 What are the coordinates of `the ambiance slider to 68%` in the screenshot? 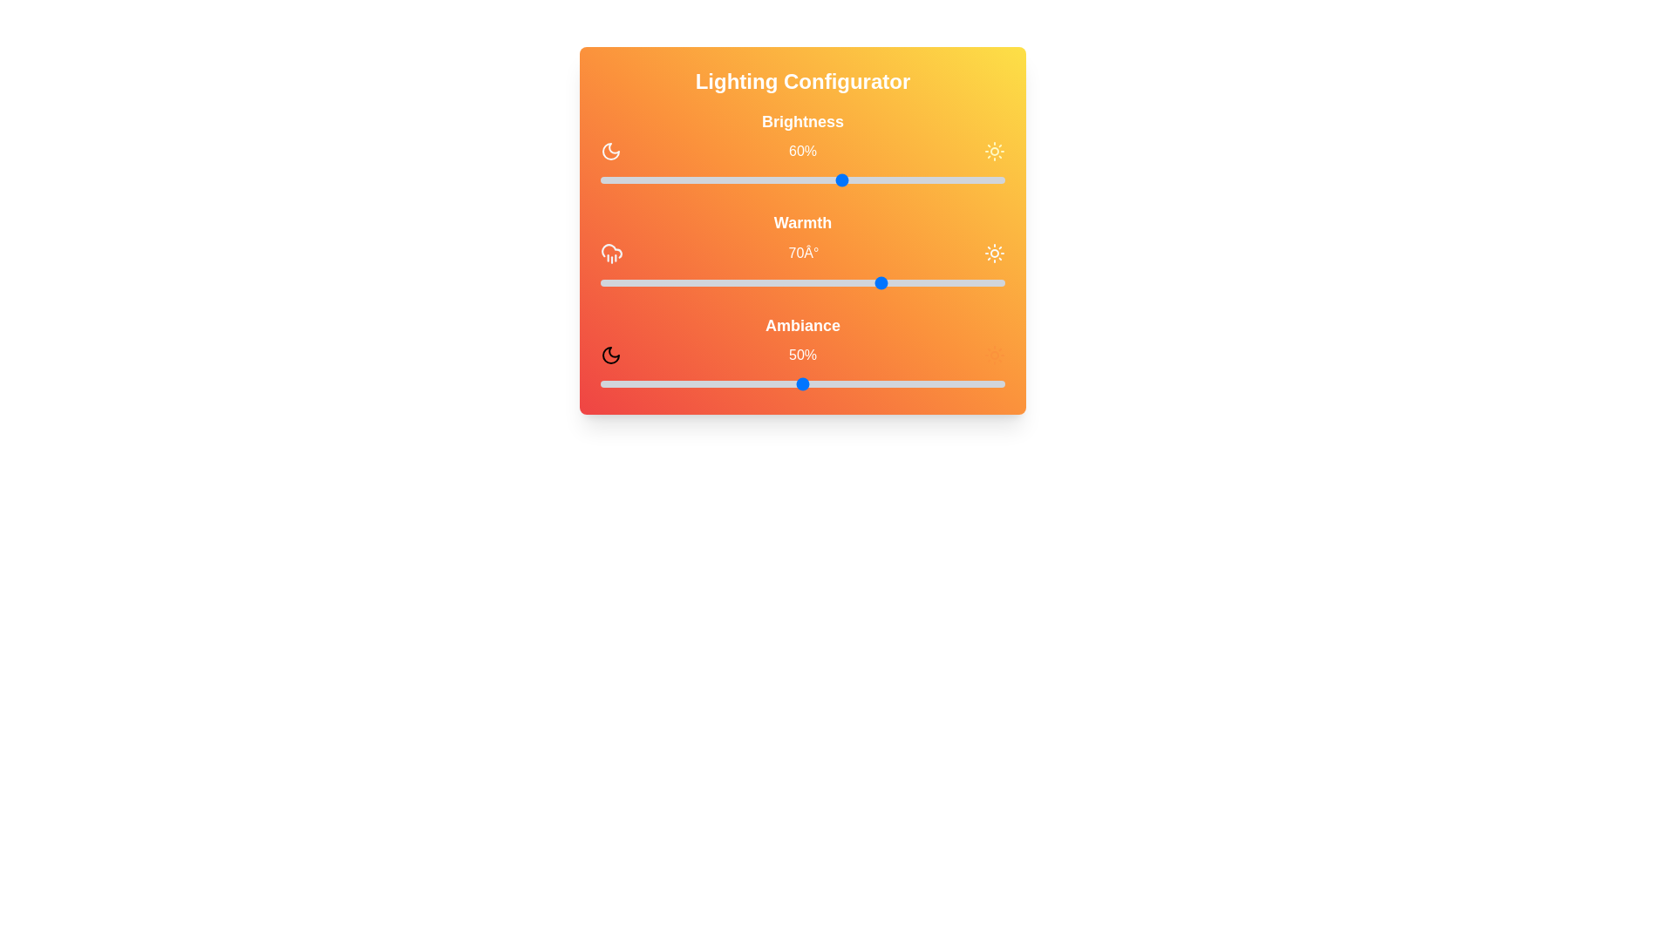 It's located at (875, 382).